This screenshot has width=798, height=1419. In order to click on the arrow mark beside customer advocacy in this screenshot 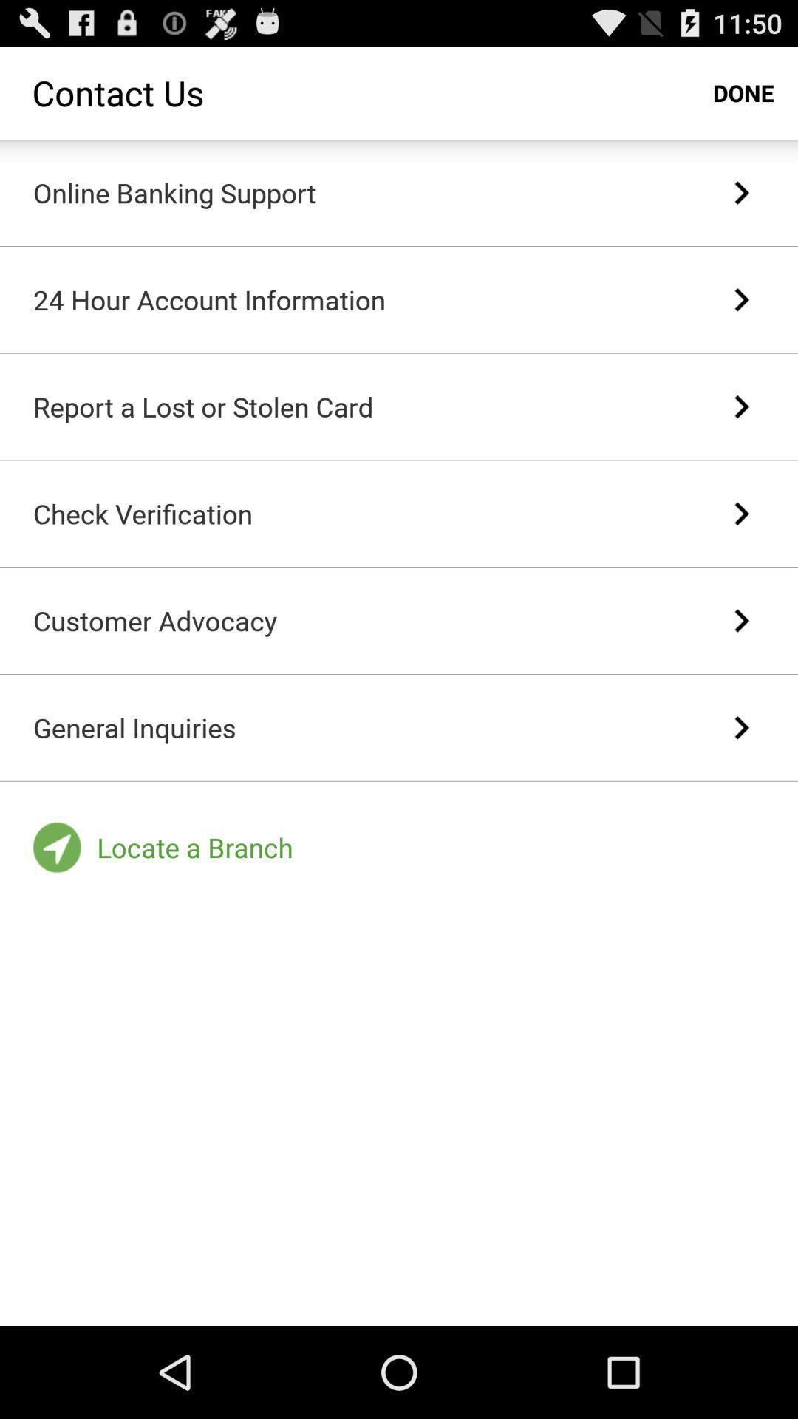, I will do `click(741, 621)`.